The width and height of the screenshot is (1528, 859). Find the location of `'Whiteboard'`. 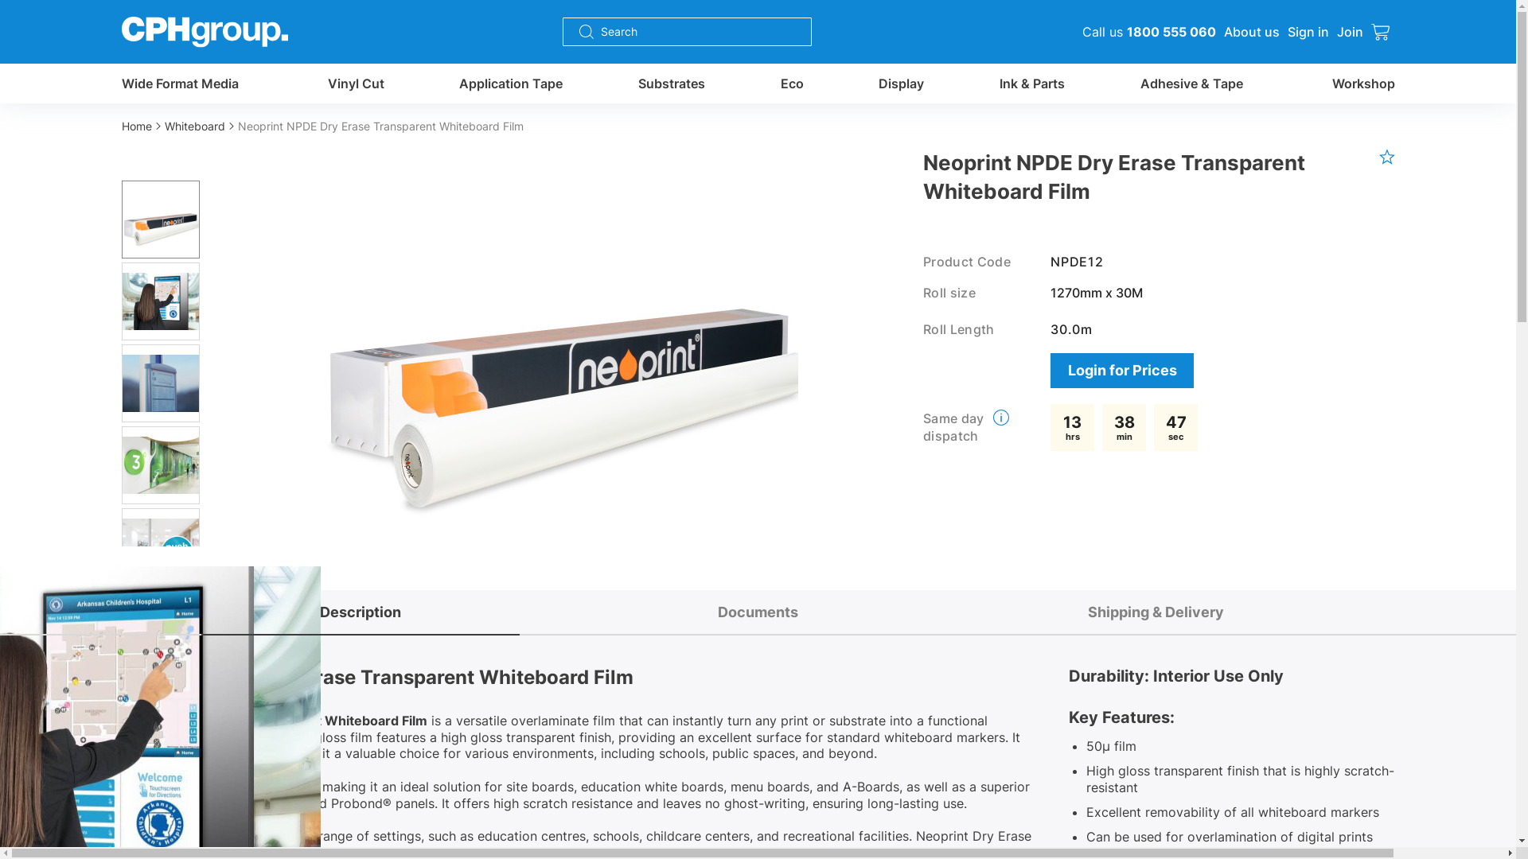

'Whiteboard' is located at coordinates (200, 125).